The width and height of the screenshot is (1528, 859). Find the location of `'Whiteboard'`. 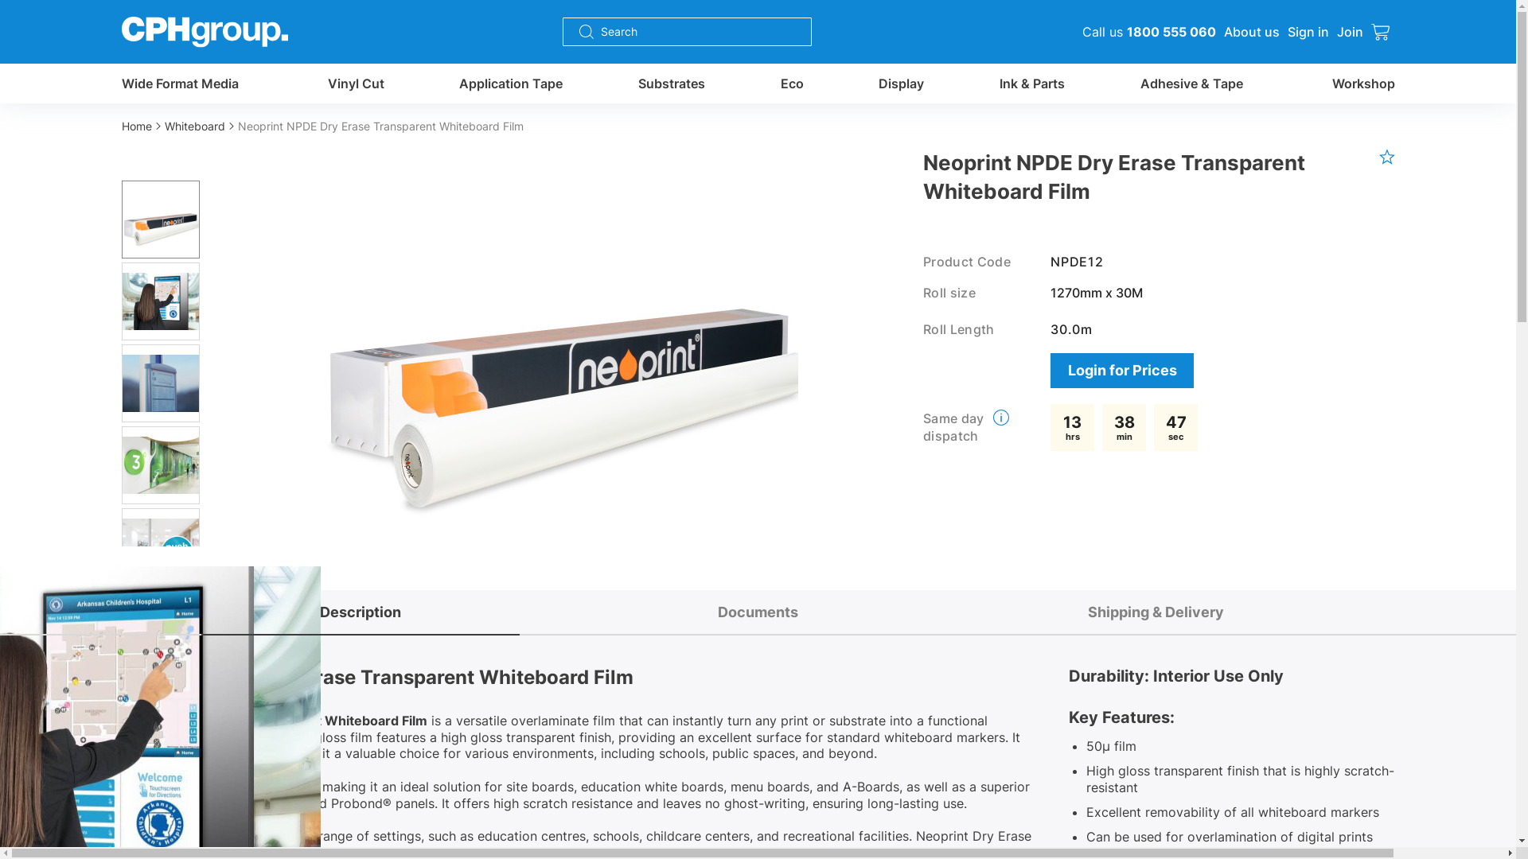

'Whiteboard' is located at coordinates (200, 125).